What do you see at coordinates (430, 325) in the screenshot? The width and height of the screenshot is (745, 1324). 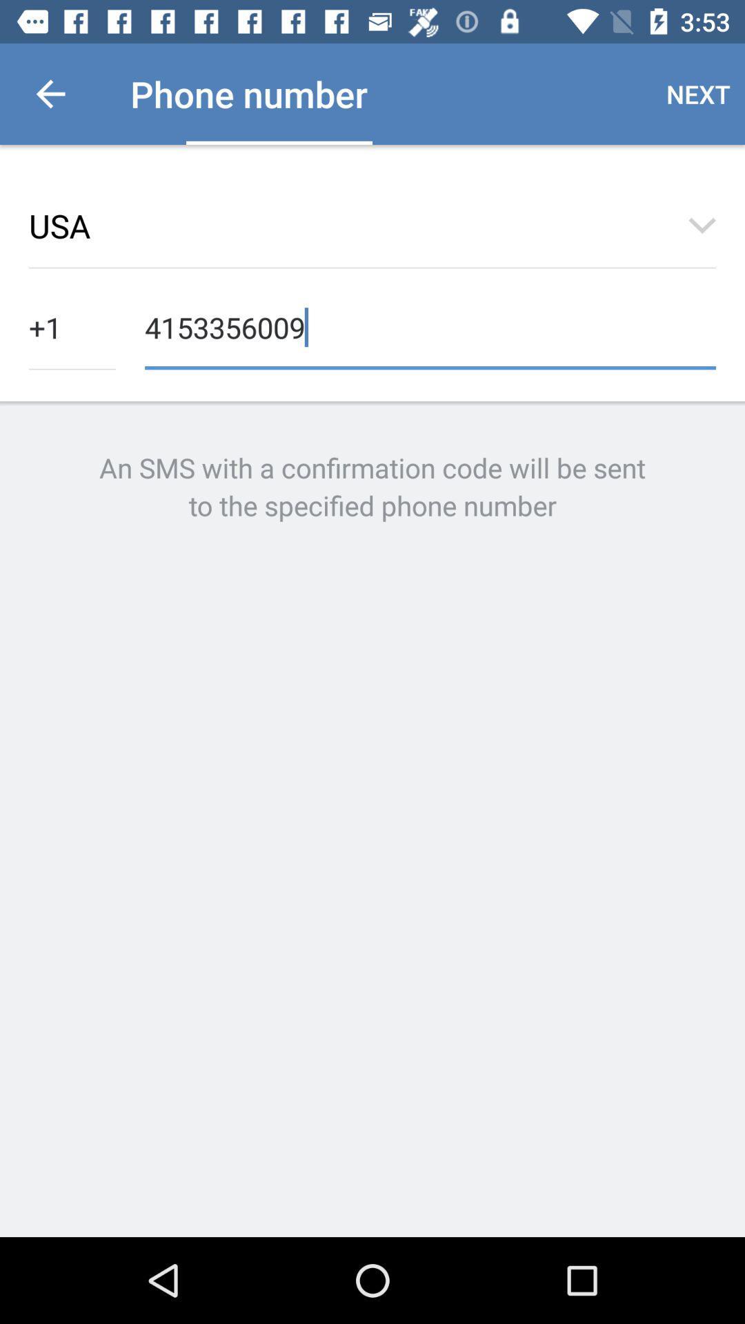 I see `icon below usa item` at bounding box center [430, 325].